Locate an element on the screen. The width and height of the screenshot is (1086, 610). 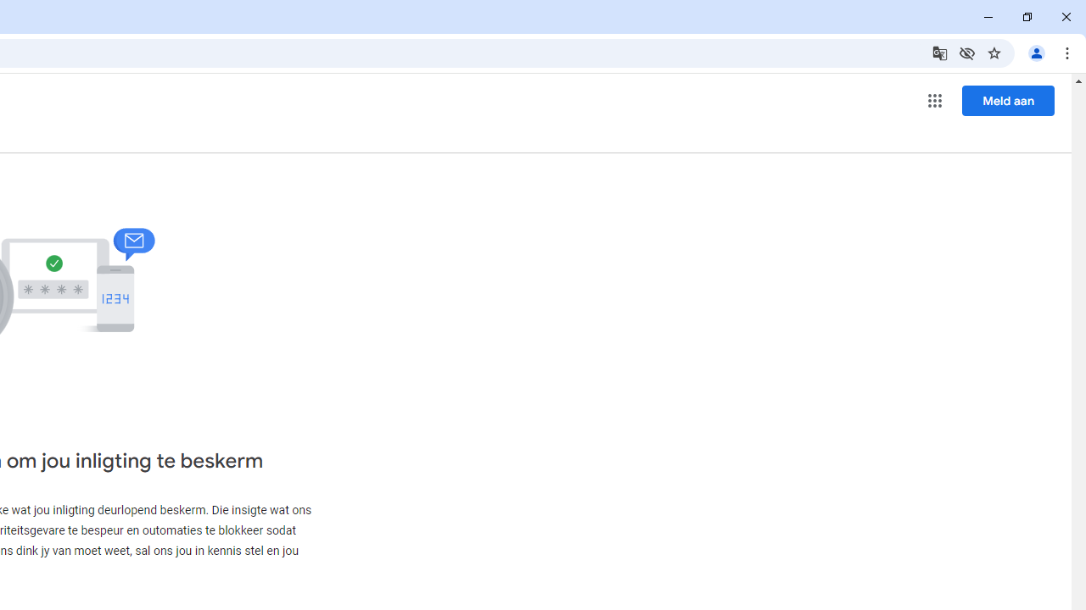
'Google-programme' is located at coordinates (934, 101).